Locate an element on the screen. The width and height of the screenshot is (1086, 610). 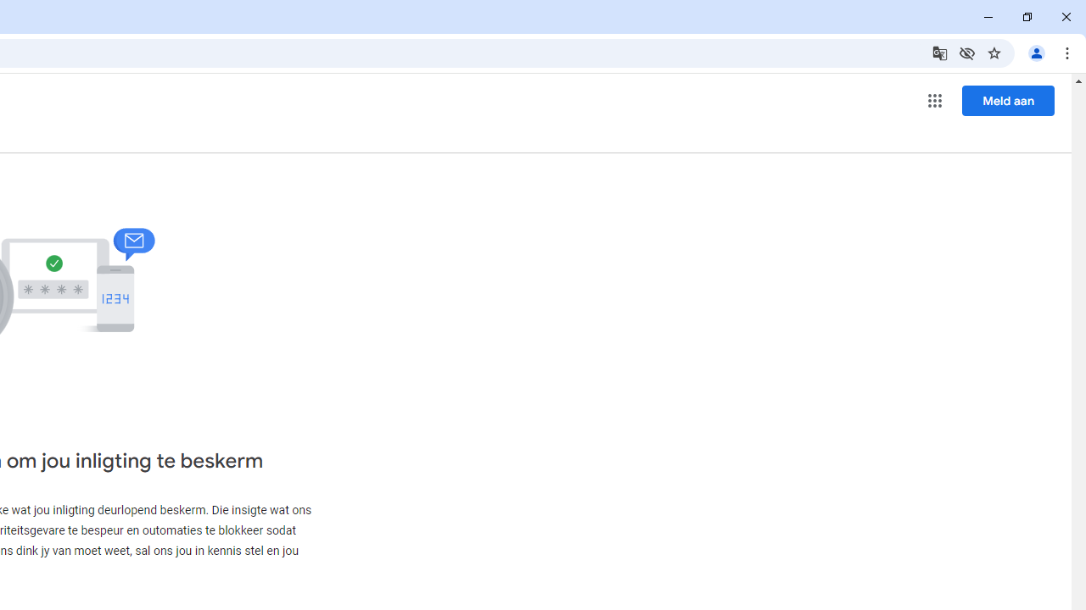
'Google-programme' is located at coordinates (934, 101).